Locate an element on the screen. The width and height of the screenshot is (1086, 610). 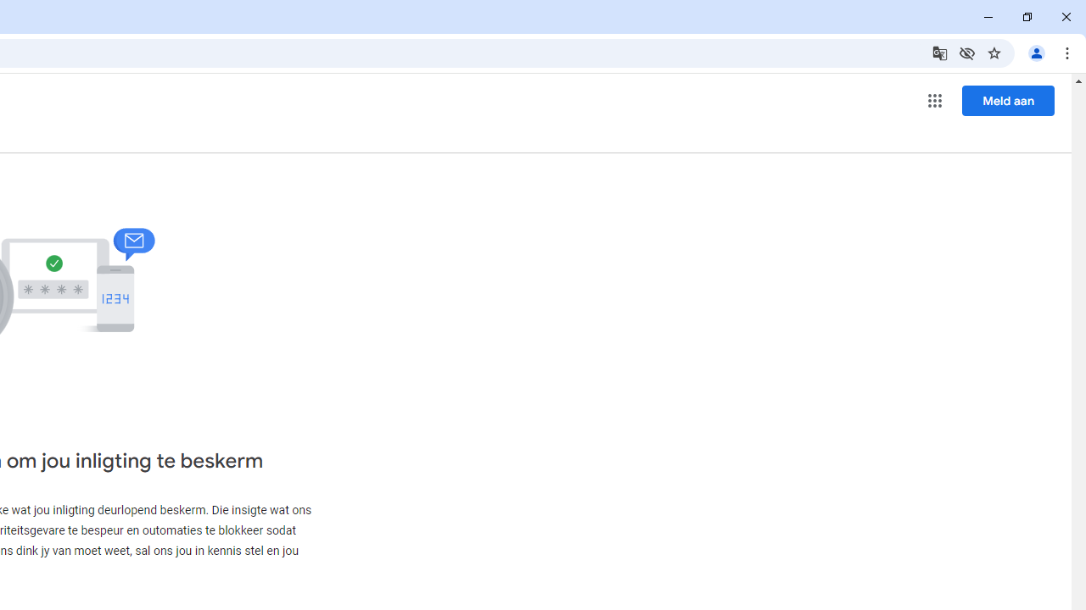
'Google-programme' is located at coordinates (934, 101).